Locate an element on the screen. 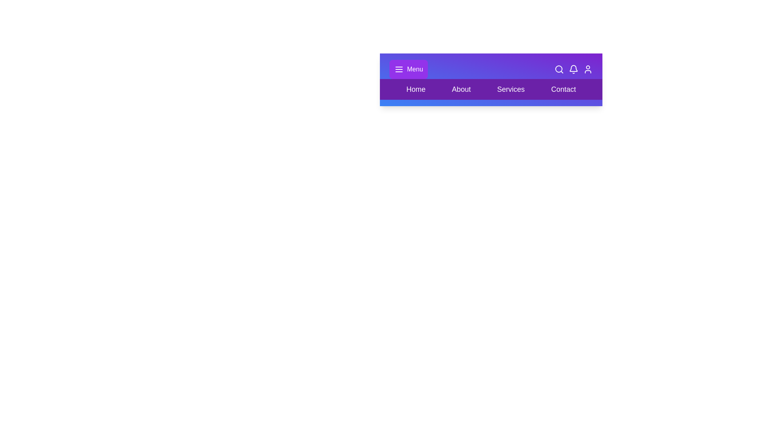 This screenshot has width=767, height=431. the element User Profile to highlight it is located at coordinates (588, 69).